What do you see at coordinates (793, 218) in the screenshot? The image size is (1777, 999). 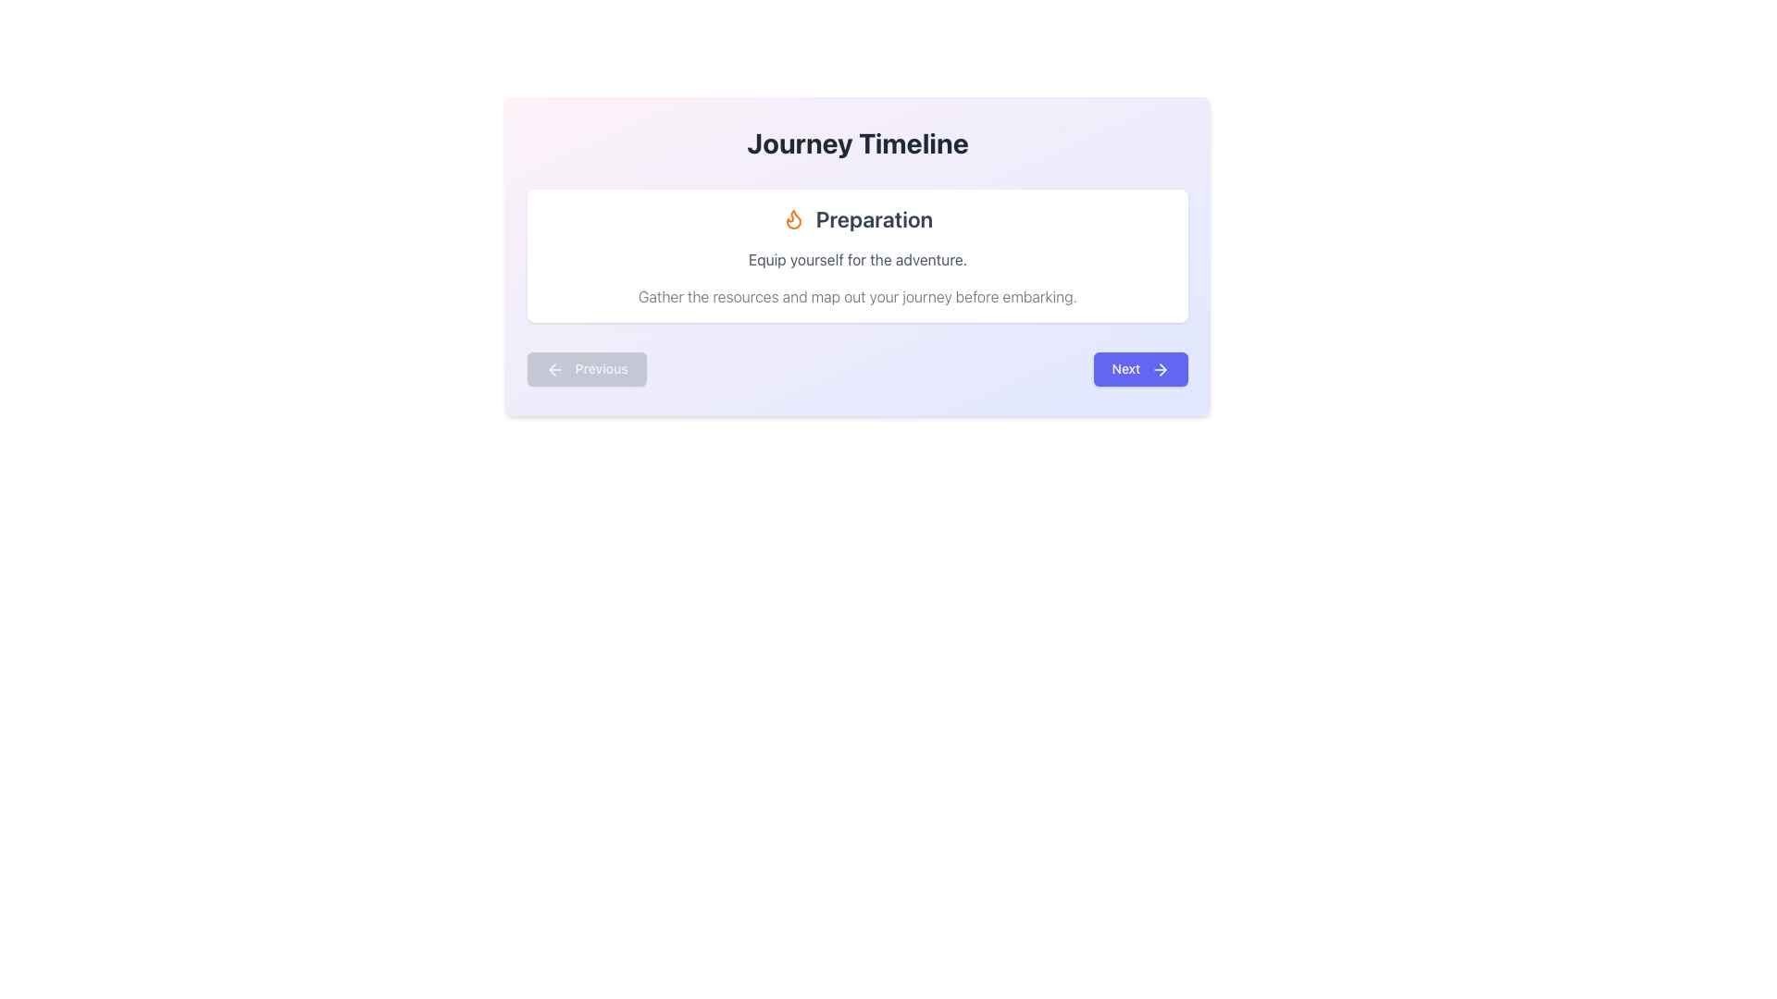 I see `the flame-shaped orange icon located to the left of the 'Preparation' text in the 'Journey Timeline' section` at bounding box center [793, 218].